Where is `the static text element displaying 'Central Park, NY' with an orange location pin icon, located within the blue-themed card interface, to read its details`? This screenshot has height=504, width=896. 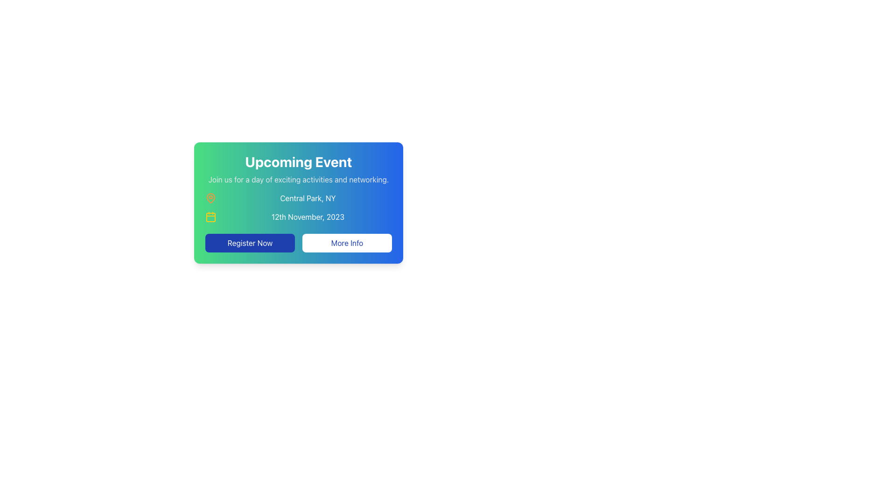 the static text element displaying 'Central Park, NY' with an orange location pin icon, located within the blue-themed card interface, to read its details is located at coordinates (298, 197).